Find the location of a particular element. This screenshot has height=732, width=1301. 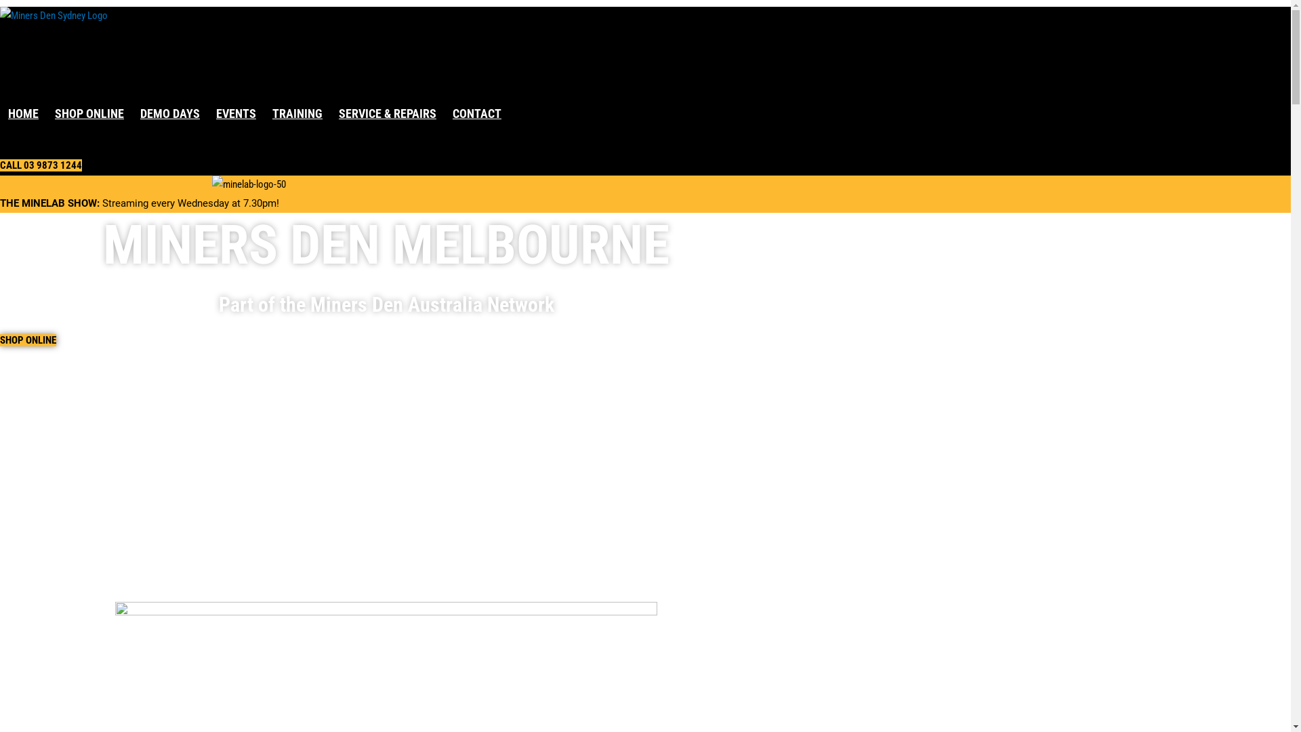

'SHOP ONLINE' is located at coordinates (89, 113).